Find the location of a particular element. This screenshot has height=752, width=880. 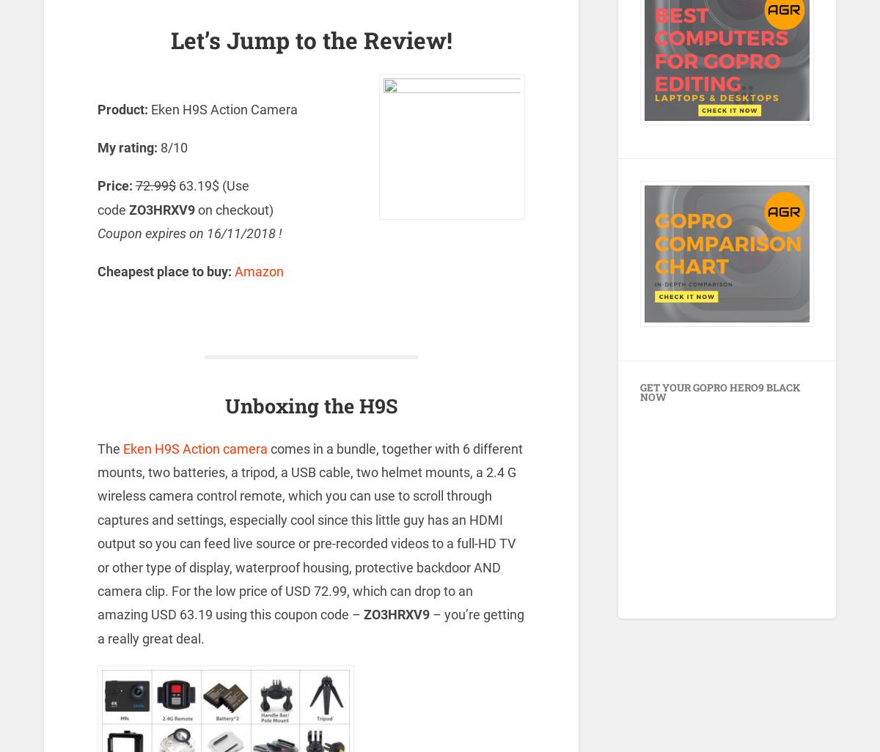

'Price:' is located at coordinates (114, 185).